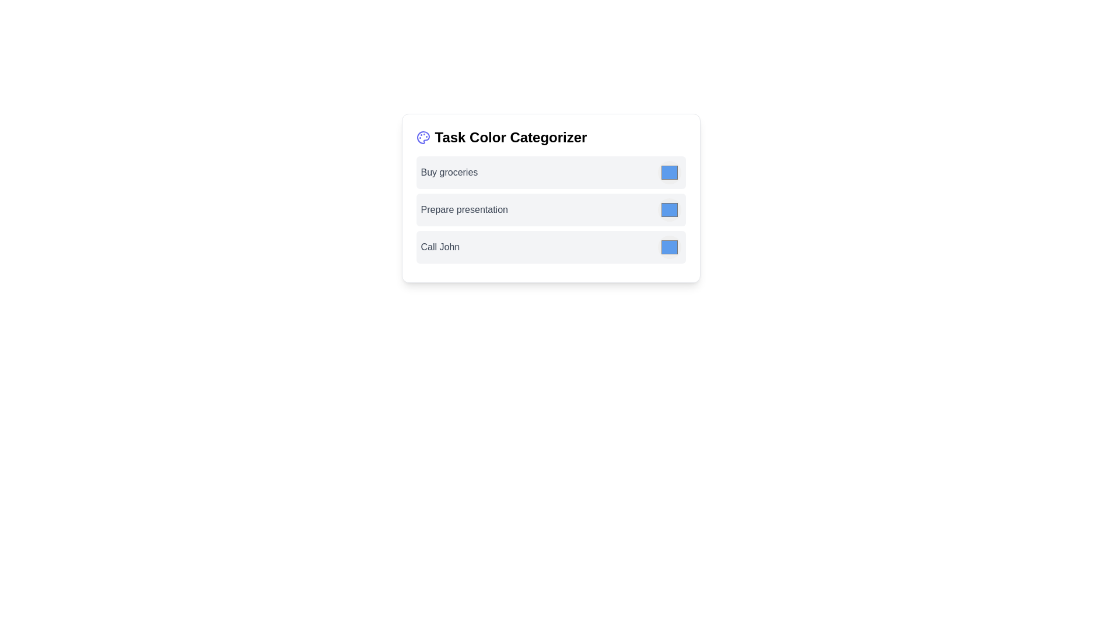 The height and width of the screenshot is (630, 1120). Describe the element at coordinates (464, 209) in the screenshot. I see `the text label reading 'Prepare presentation' which is styled with medium-weight font and grayish color, positioned in the second row of the task list` at that location.